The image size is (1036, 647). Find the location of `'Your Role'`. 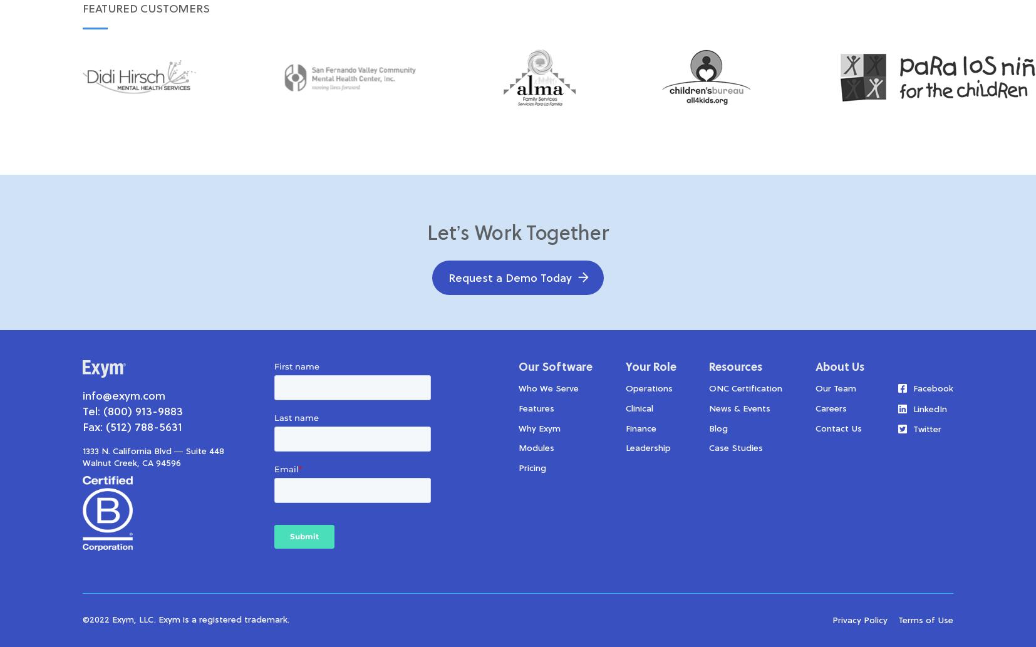

'Your Role' is located at coordinates (650, 367).